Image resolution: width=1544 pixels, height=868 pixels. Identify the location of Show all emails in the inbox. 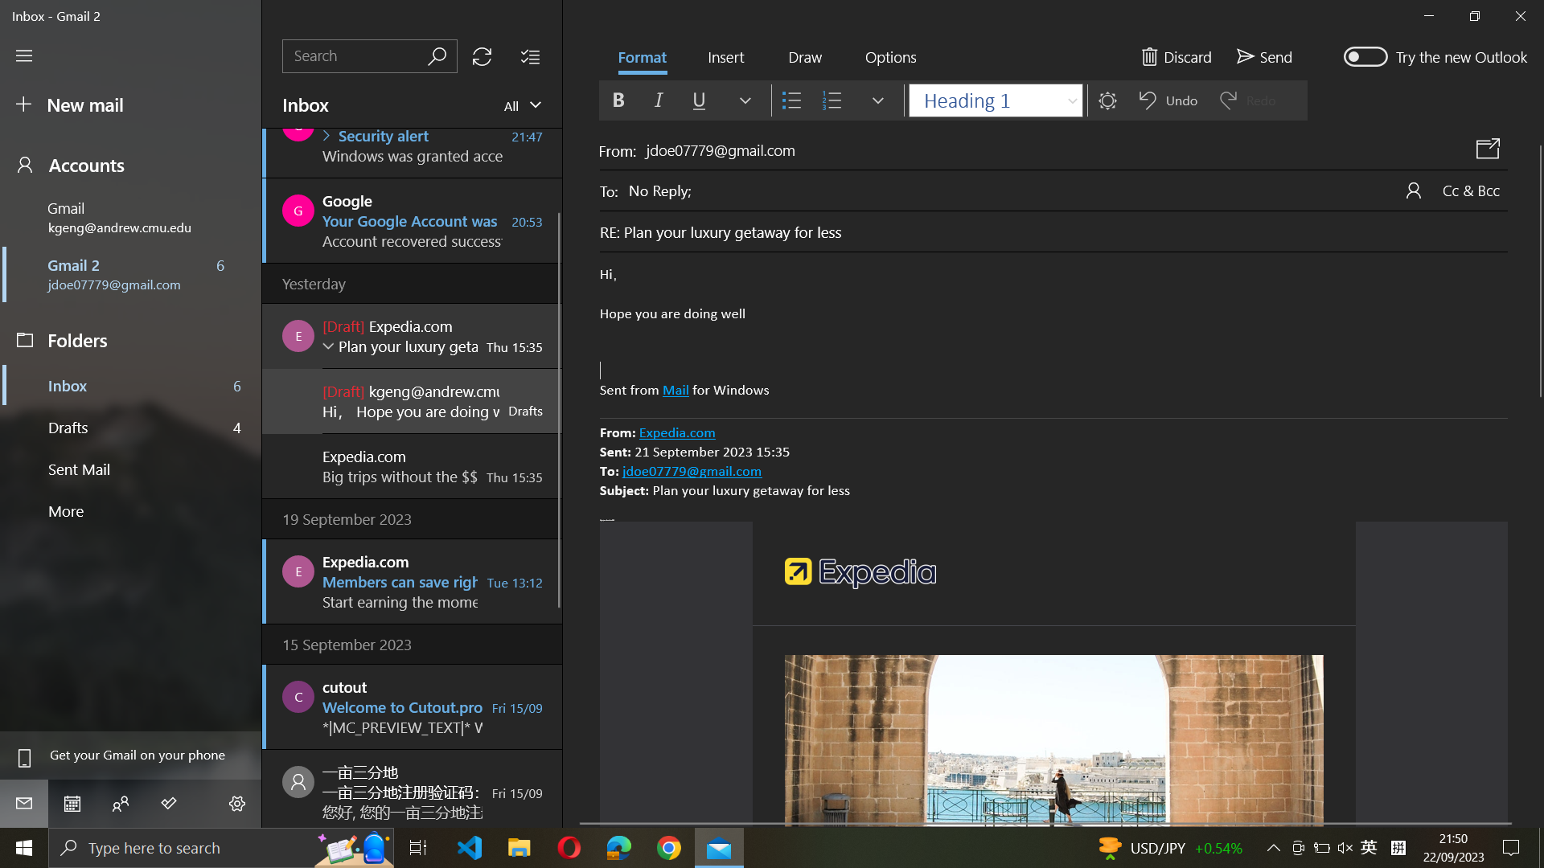
(524, 104).